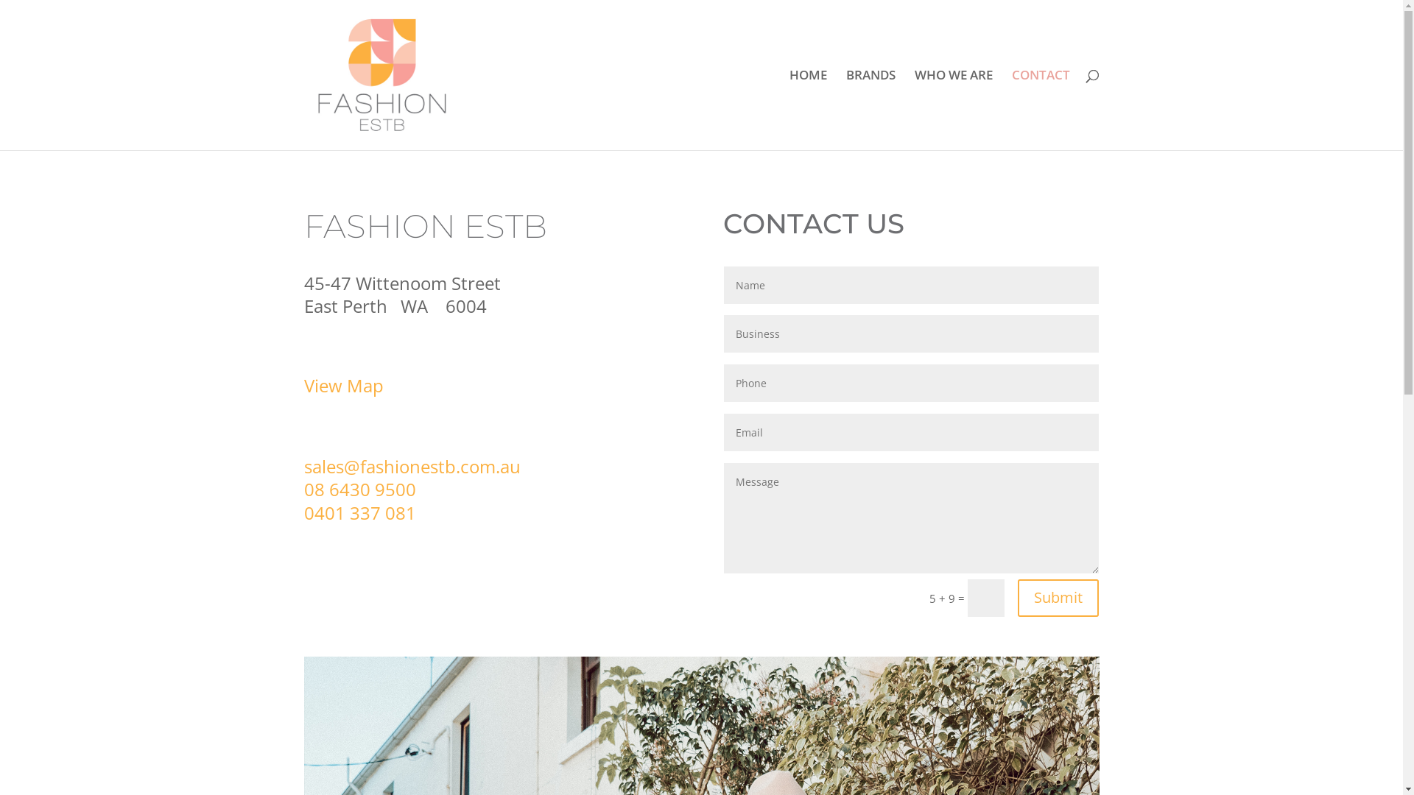 The image size is (1414, 795). I want to click on '08 6430 9500', so click(303, 489).